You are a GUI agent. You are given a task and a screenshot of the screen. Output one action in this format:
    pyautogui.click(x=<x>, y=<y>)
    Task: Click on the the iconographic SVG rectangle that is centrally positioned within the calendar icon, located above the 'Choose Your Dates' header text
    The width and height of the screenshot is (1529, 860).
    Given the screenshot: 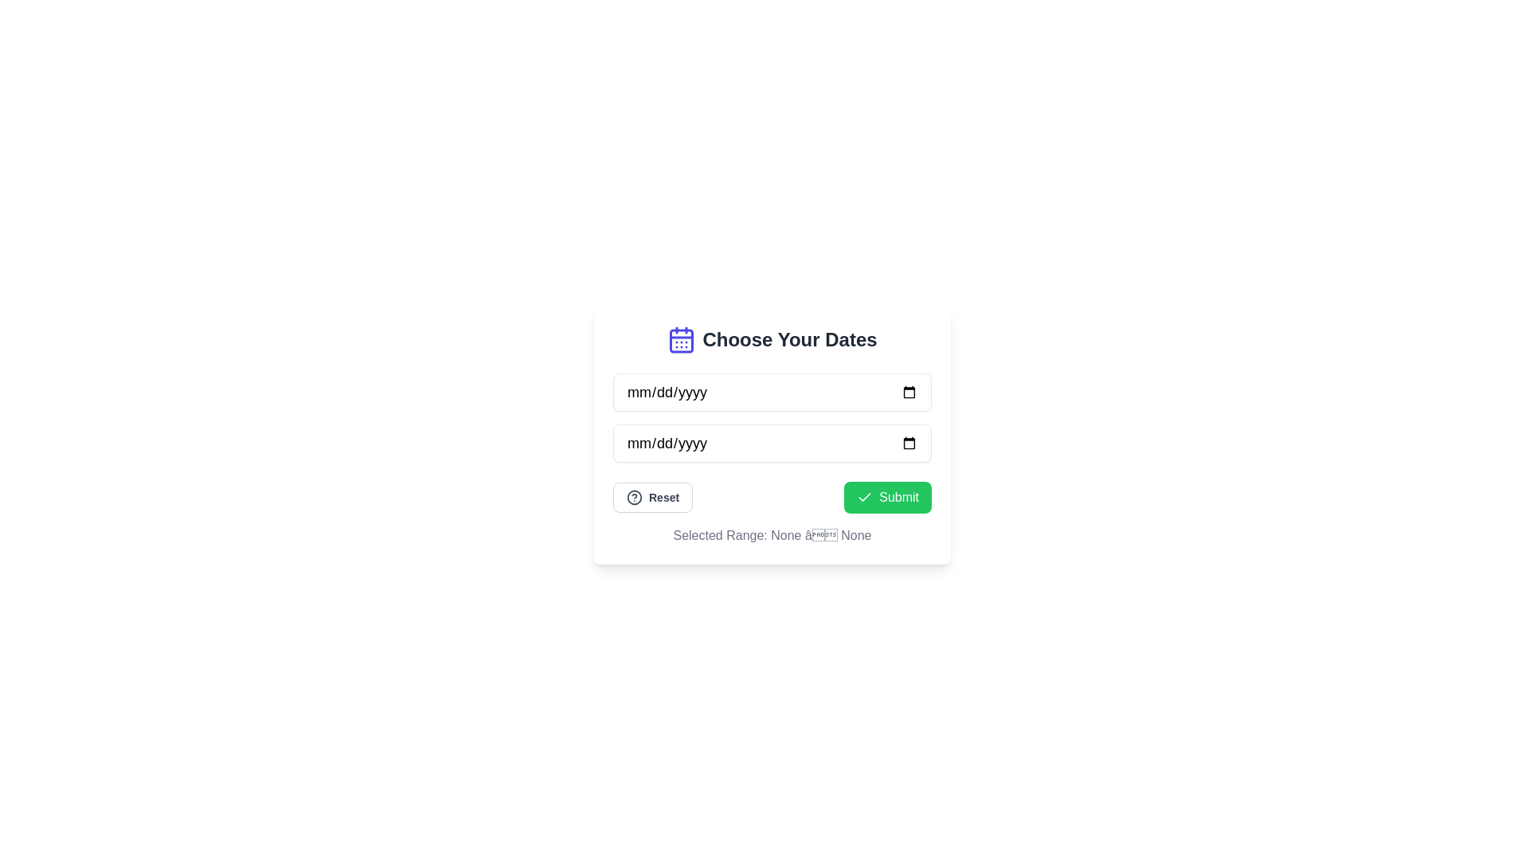 What is the action you would take?
    pyautogui.click(x=682, y=340)
    